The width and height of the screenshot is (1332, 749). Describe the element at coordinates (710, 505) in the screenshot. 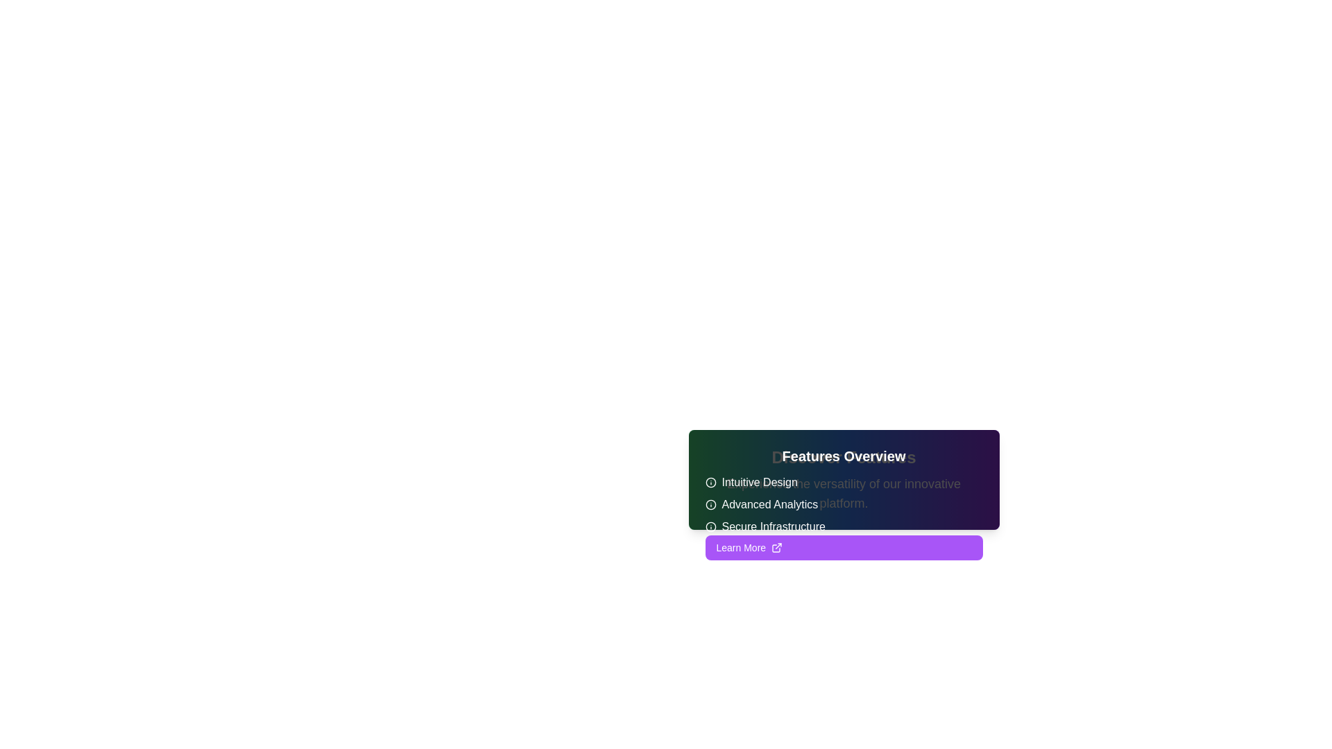

I see `the informational marker icon located to the left of the 'Advanced Analytics' text to show contextual options` at that location.